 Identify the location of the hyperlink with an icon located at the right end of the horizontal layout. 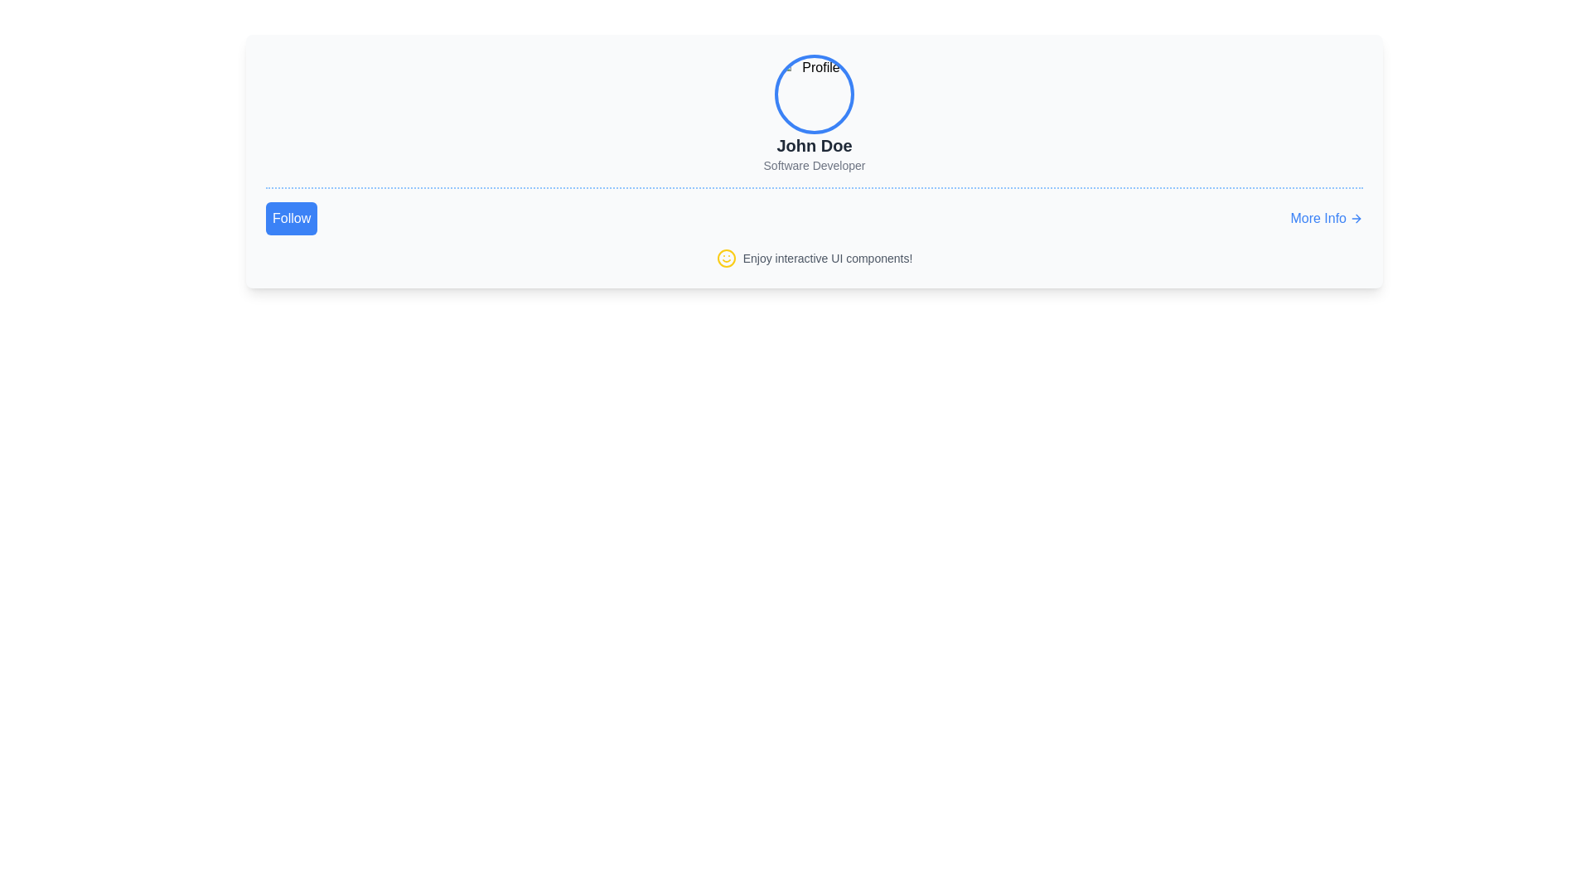
(1327, 217).